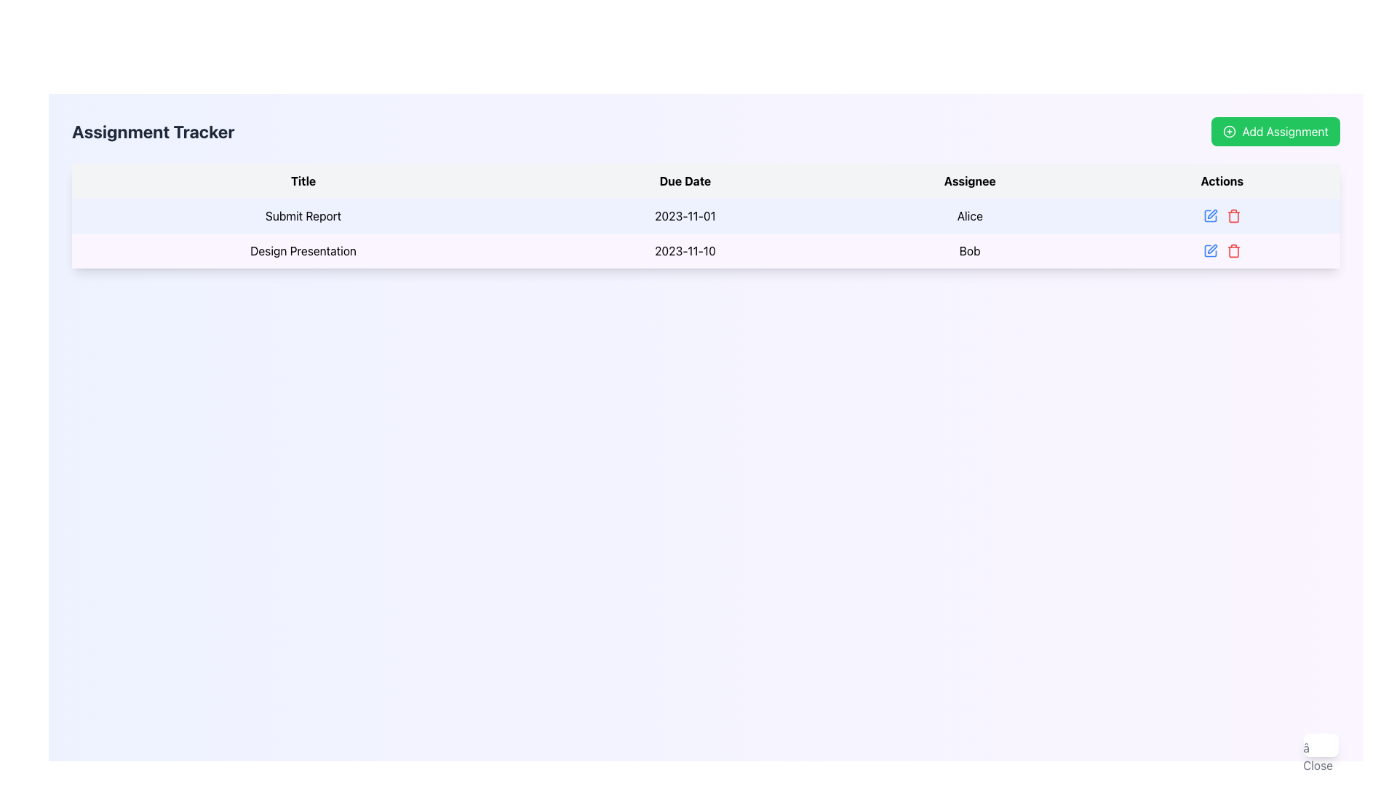  What do you see at coordinates (1229, 132) in the screenshot?
I see `the circular '+' icon within the 'Add Assignment' button, which is styled in a minimalist design with a white icon on a green background, located in the top-right corner of the interface` at bounding box center [1229, 132].